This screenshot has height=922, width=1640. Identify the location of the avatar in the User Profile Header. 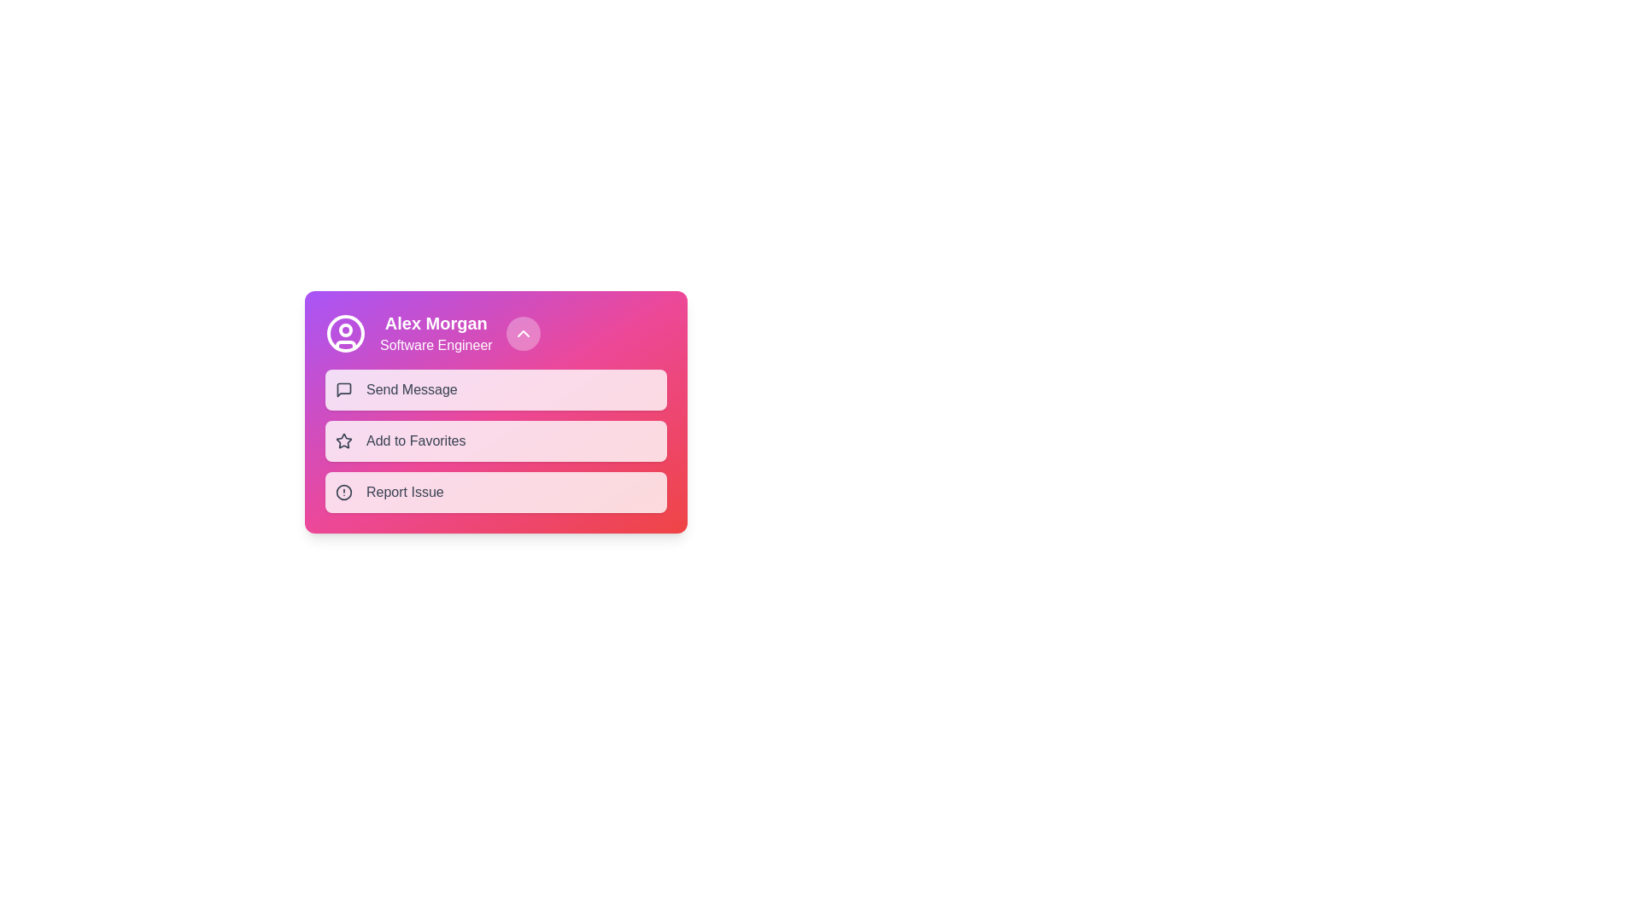
(495, 333).